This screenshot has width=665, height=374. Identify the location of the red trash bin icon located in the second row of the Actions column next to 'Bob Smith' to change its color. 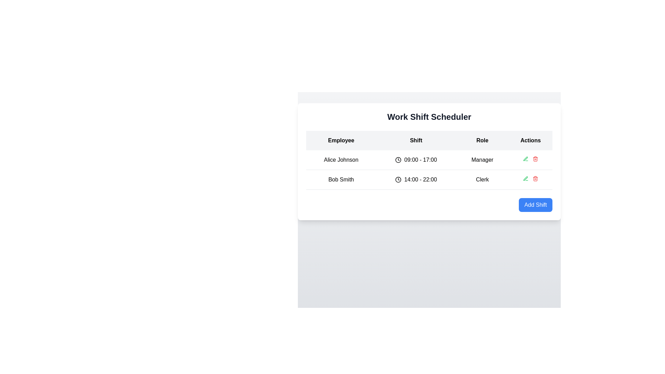
(535, 178).